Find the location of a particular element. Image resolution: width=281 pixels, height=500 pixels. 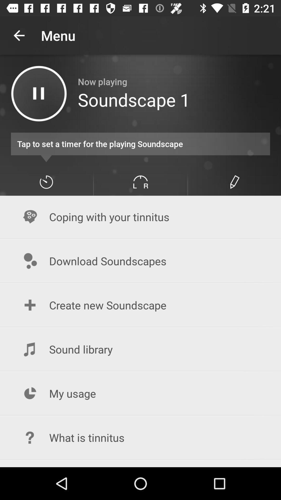

the pause icon is located at coordinates (39, 93).